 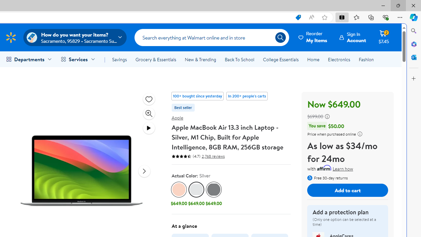 I want to click on 'Gold Gold, $649.00', so click(x=179, y=194).